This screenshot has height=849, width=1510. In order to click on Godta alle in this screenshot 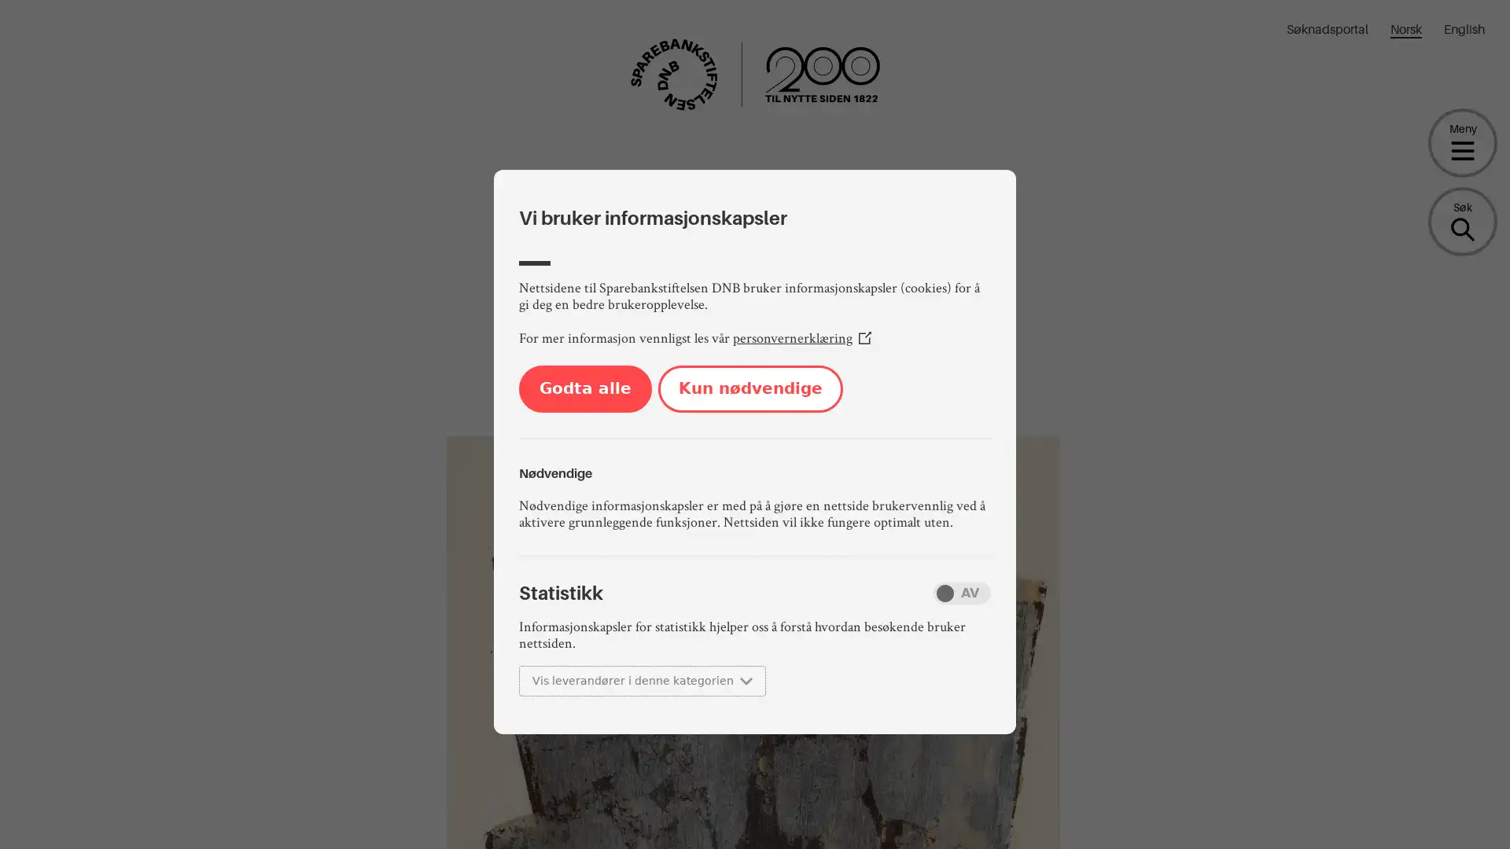, I will do `click(584, 388)`.